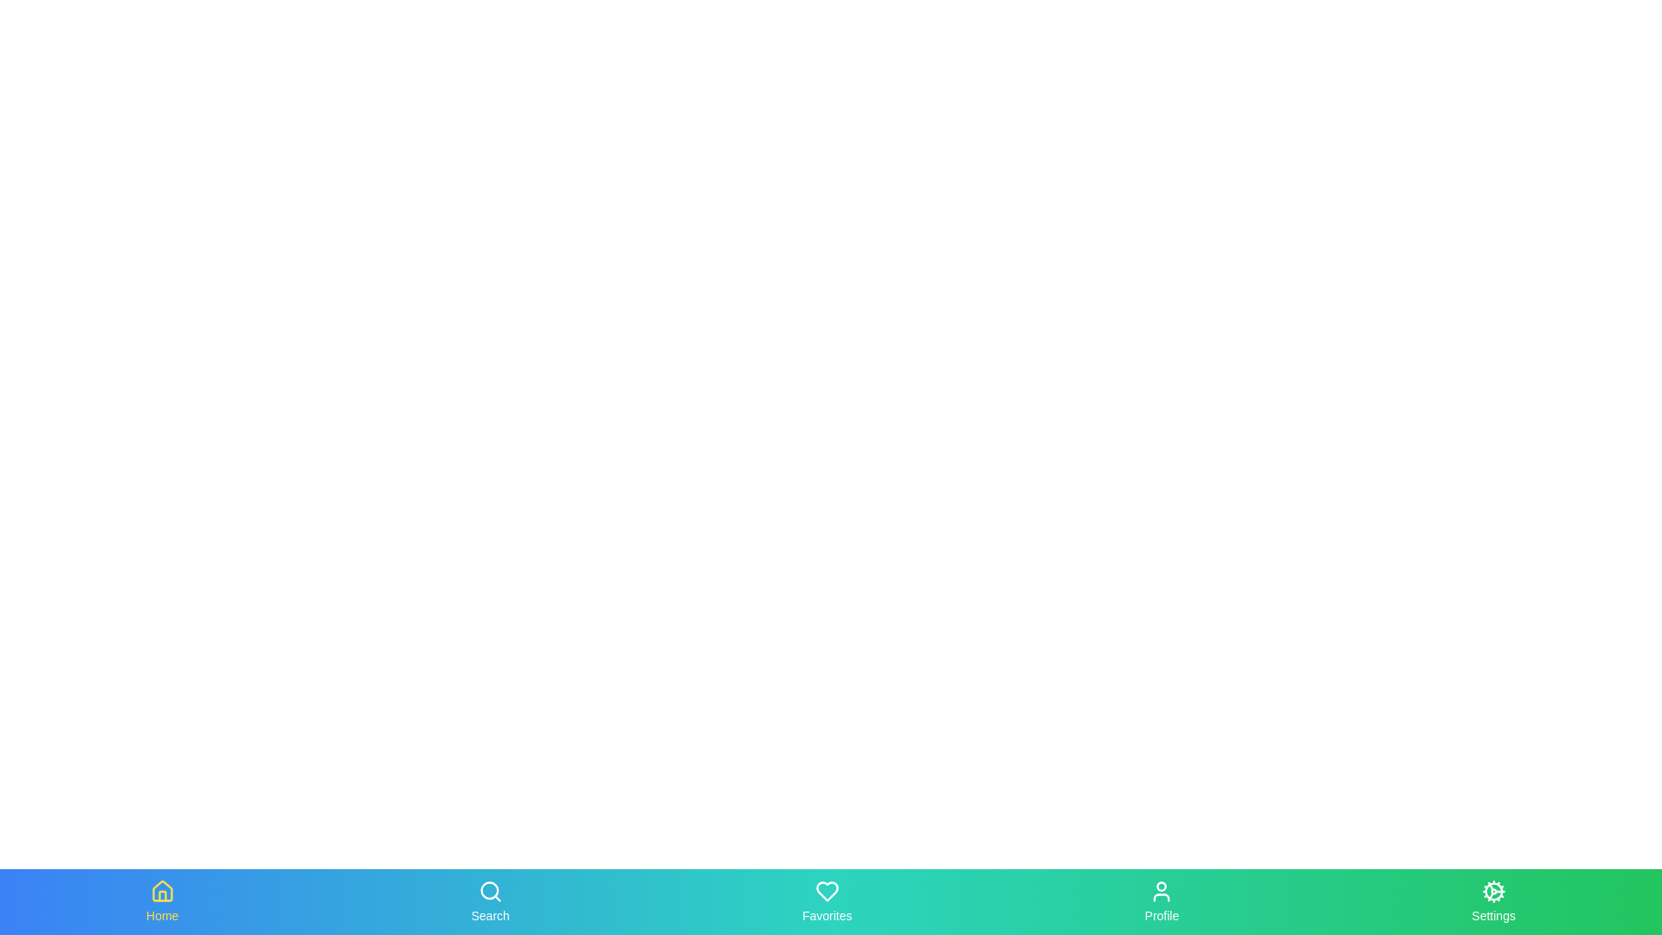 The height and width of the screenshot is (935, 1662). I want to click on the Home tab in the bottom navigation, so click(162, 900).